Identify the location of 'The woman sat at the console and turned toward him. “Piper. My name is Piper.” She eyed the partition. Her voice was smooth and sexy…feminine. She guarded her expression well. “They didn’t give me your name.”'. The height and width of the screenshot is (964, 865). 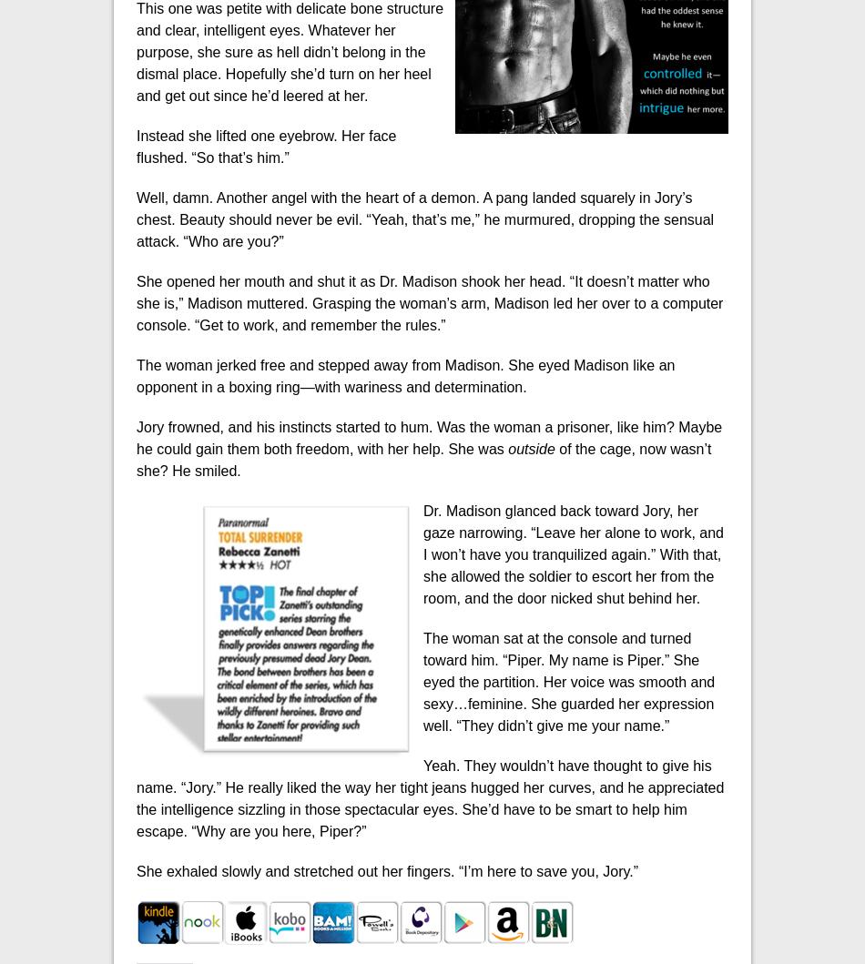
(569, 680).